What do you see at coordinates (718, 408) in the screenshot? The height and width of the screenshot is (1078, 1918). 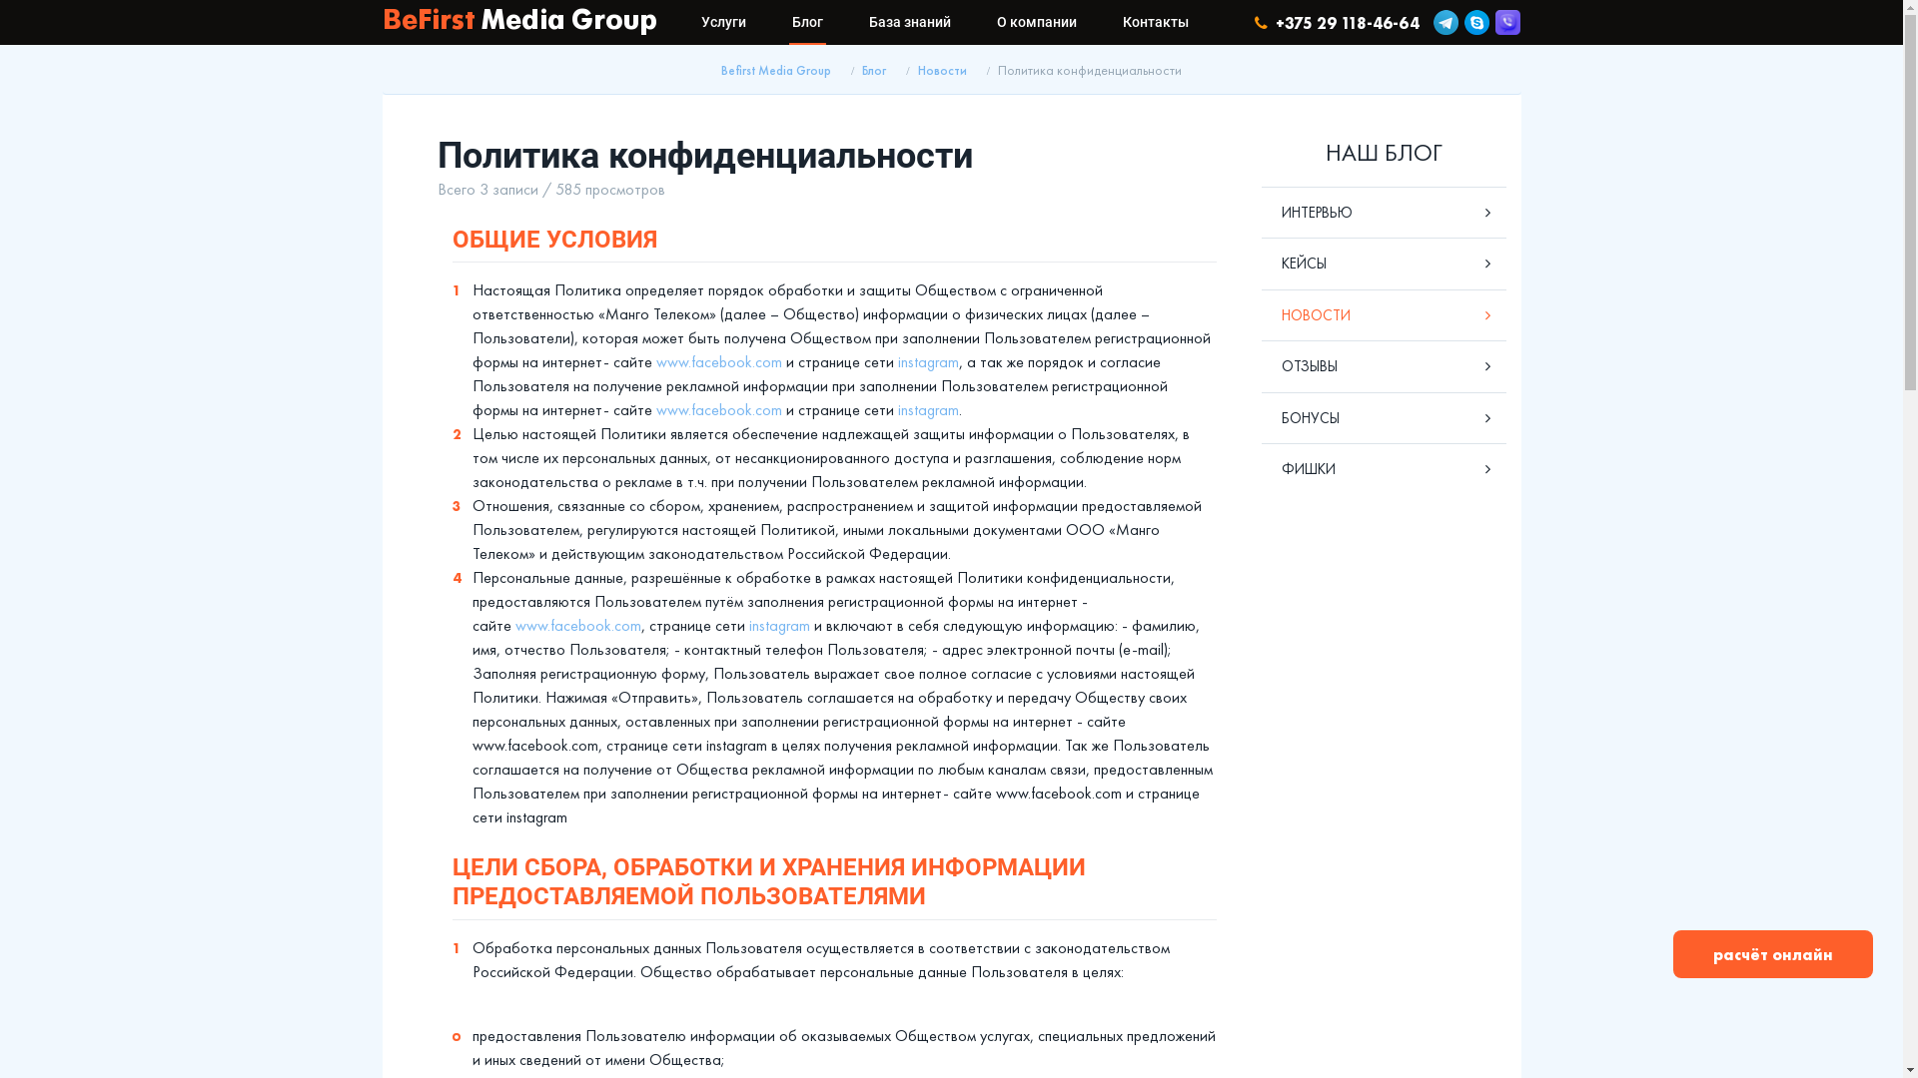 I see `'www.facebook.com'` at bounding box center [718, 408].